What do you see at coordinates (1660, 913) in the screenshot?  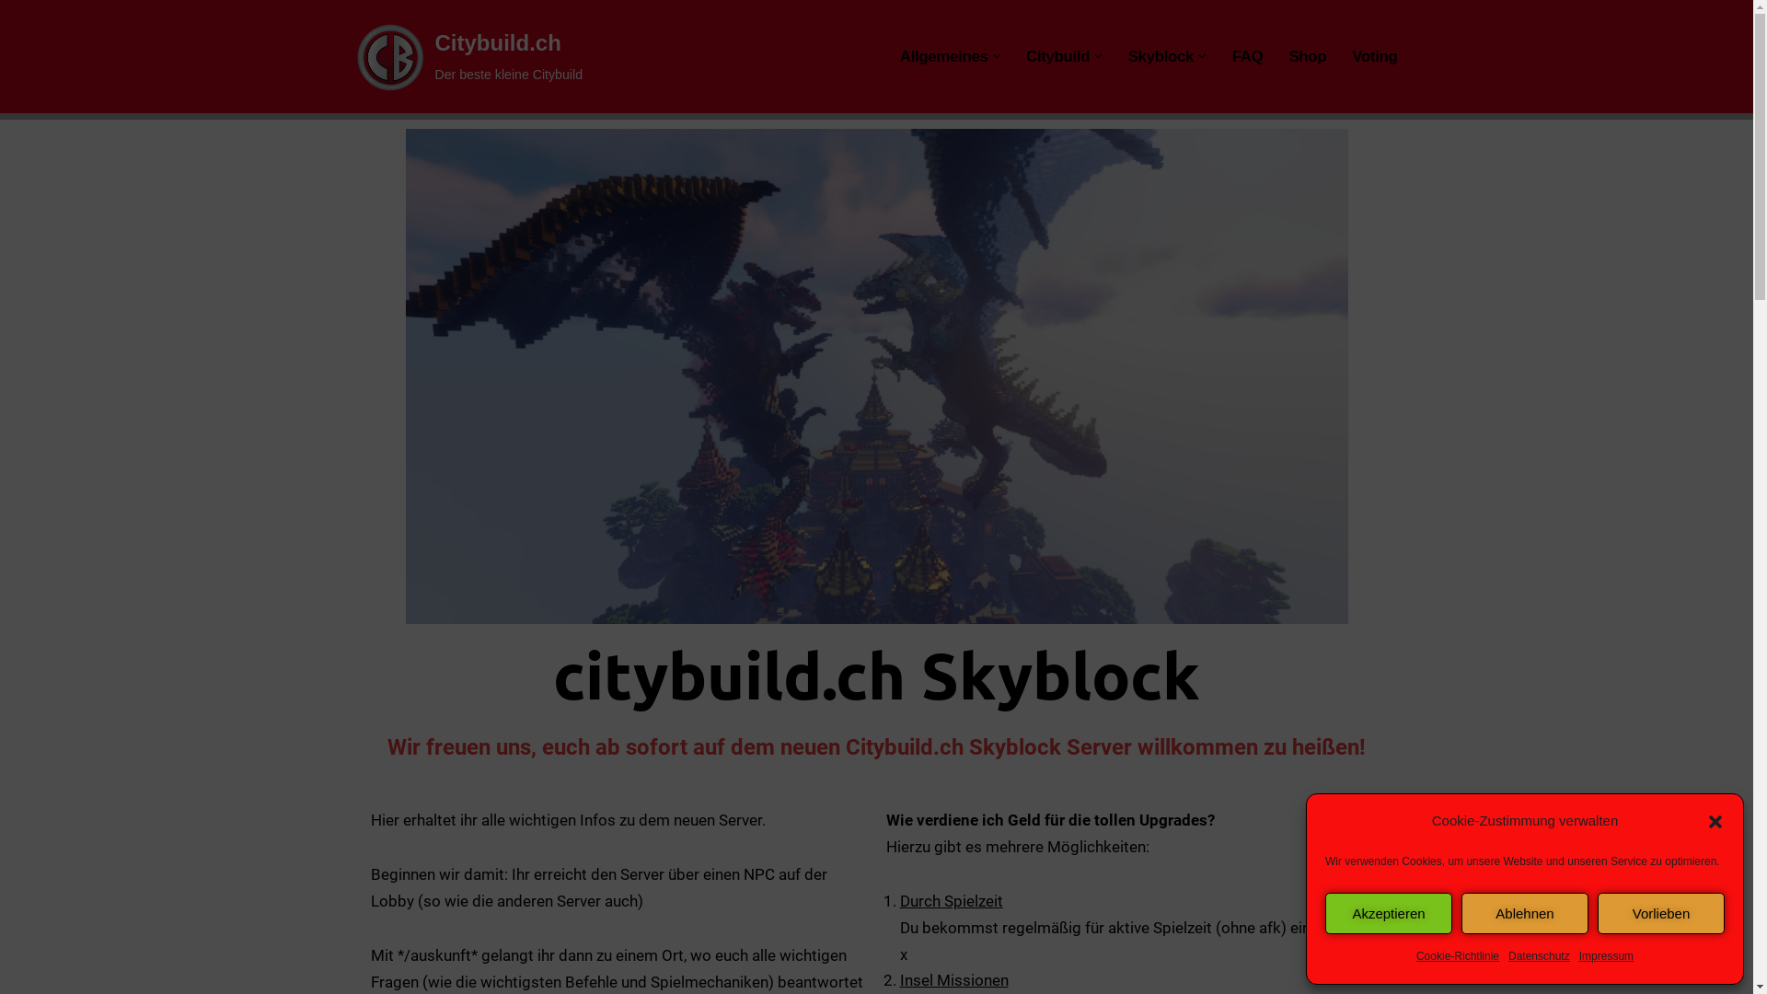 I see `'Vorlieben'` at bounding box center [1660, 913].